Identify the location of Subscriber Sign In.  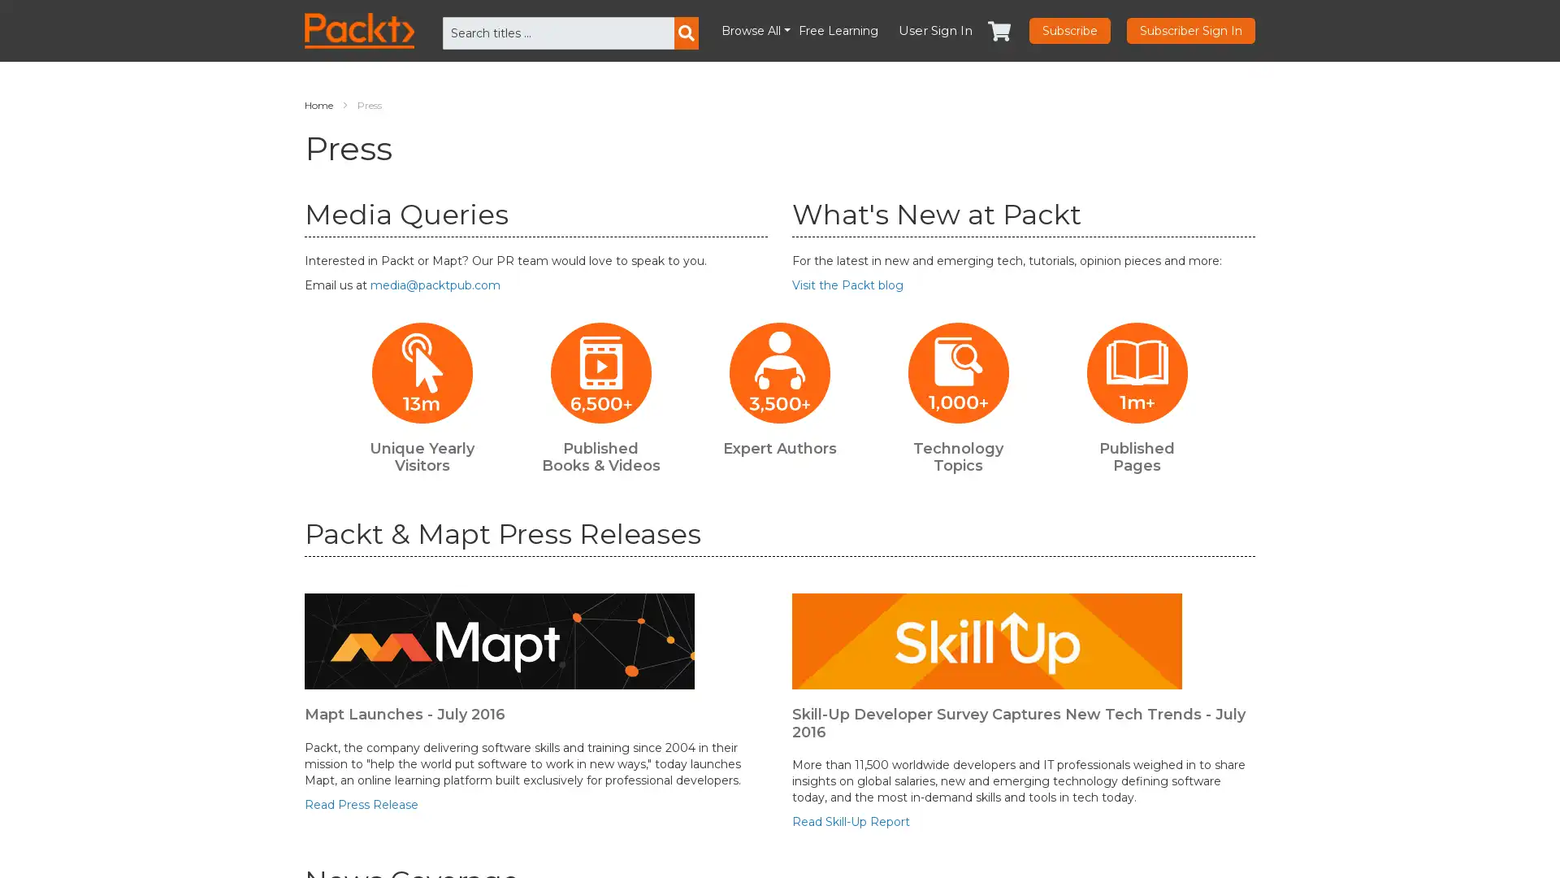
(1190, 31).